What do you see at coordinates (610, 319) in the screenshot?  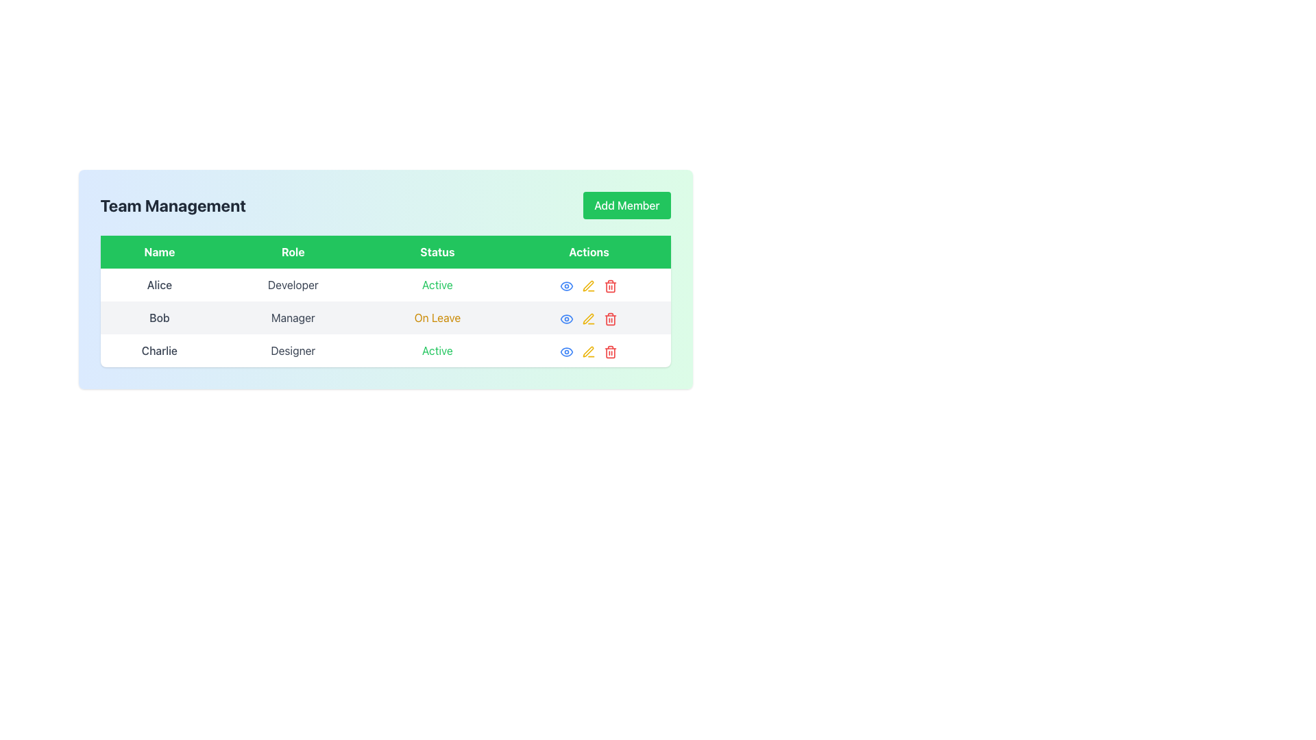 I see `the delete icon button located in the Actions column of the second row in the Team Management table` at bounding box center [610, 319].